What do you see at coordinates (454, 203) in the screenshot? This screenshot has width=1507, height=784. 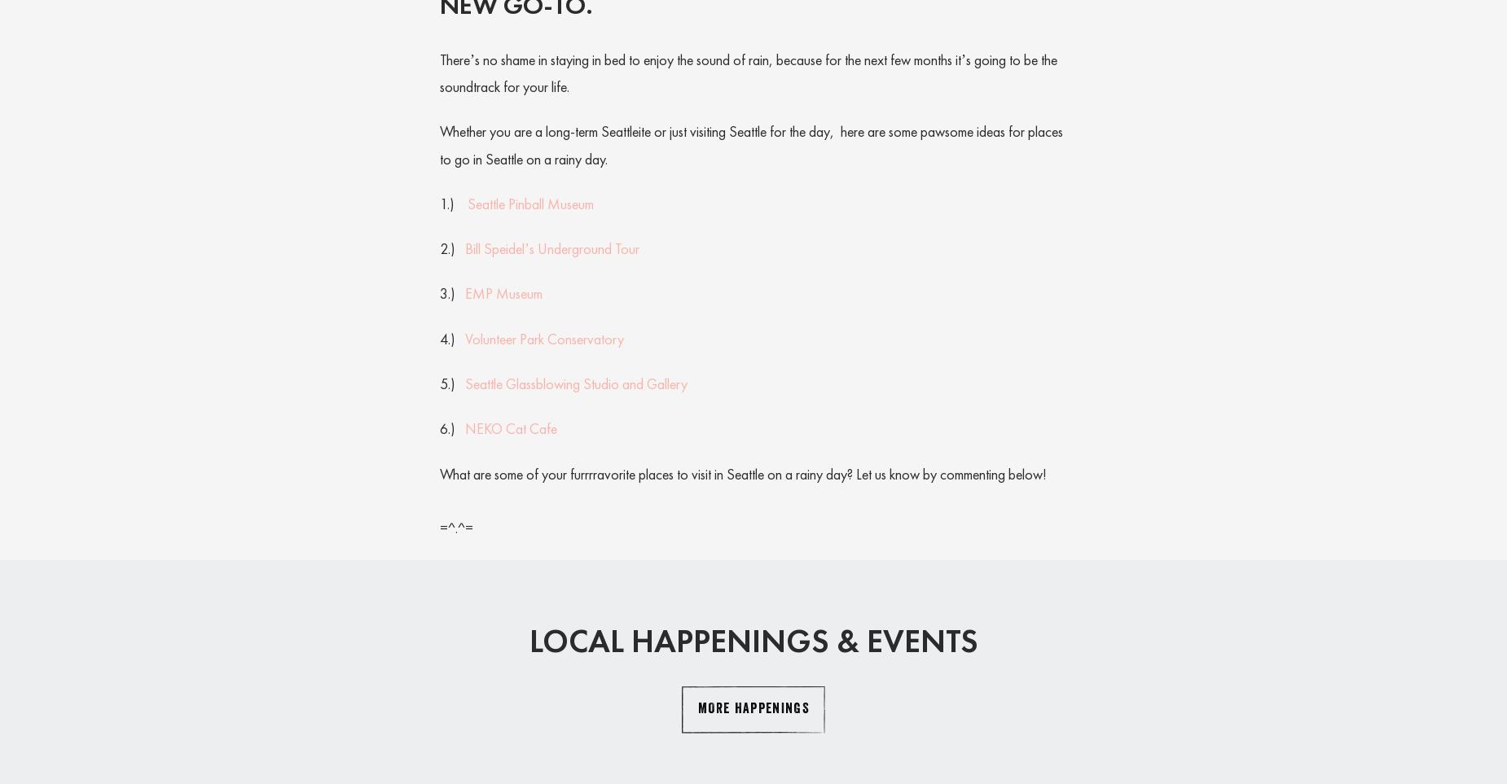 I see `'1.)'` at bounding box center [454, 203].